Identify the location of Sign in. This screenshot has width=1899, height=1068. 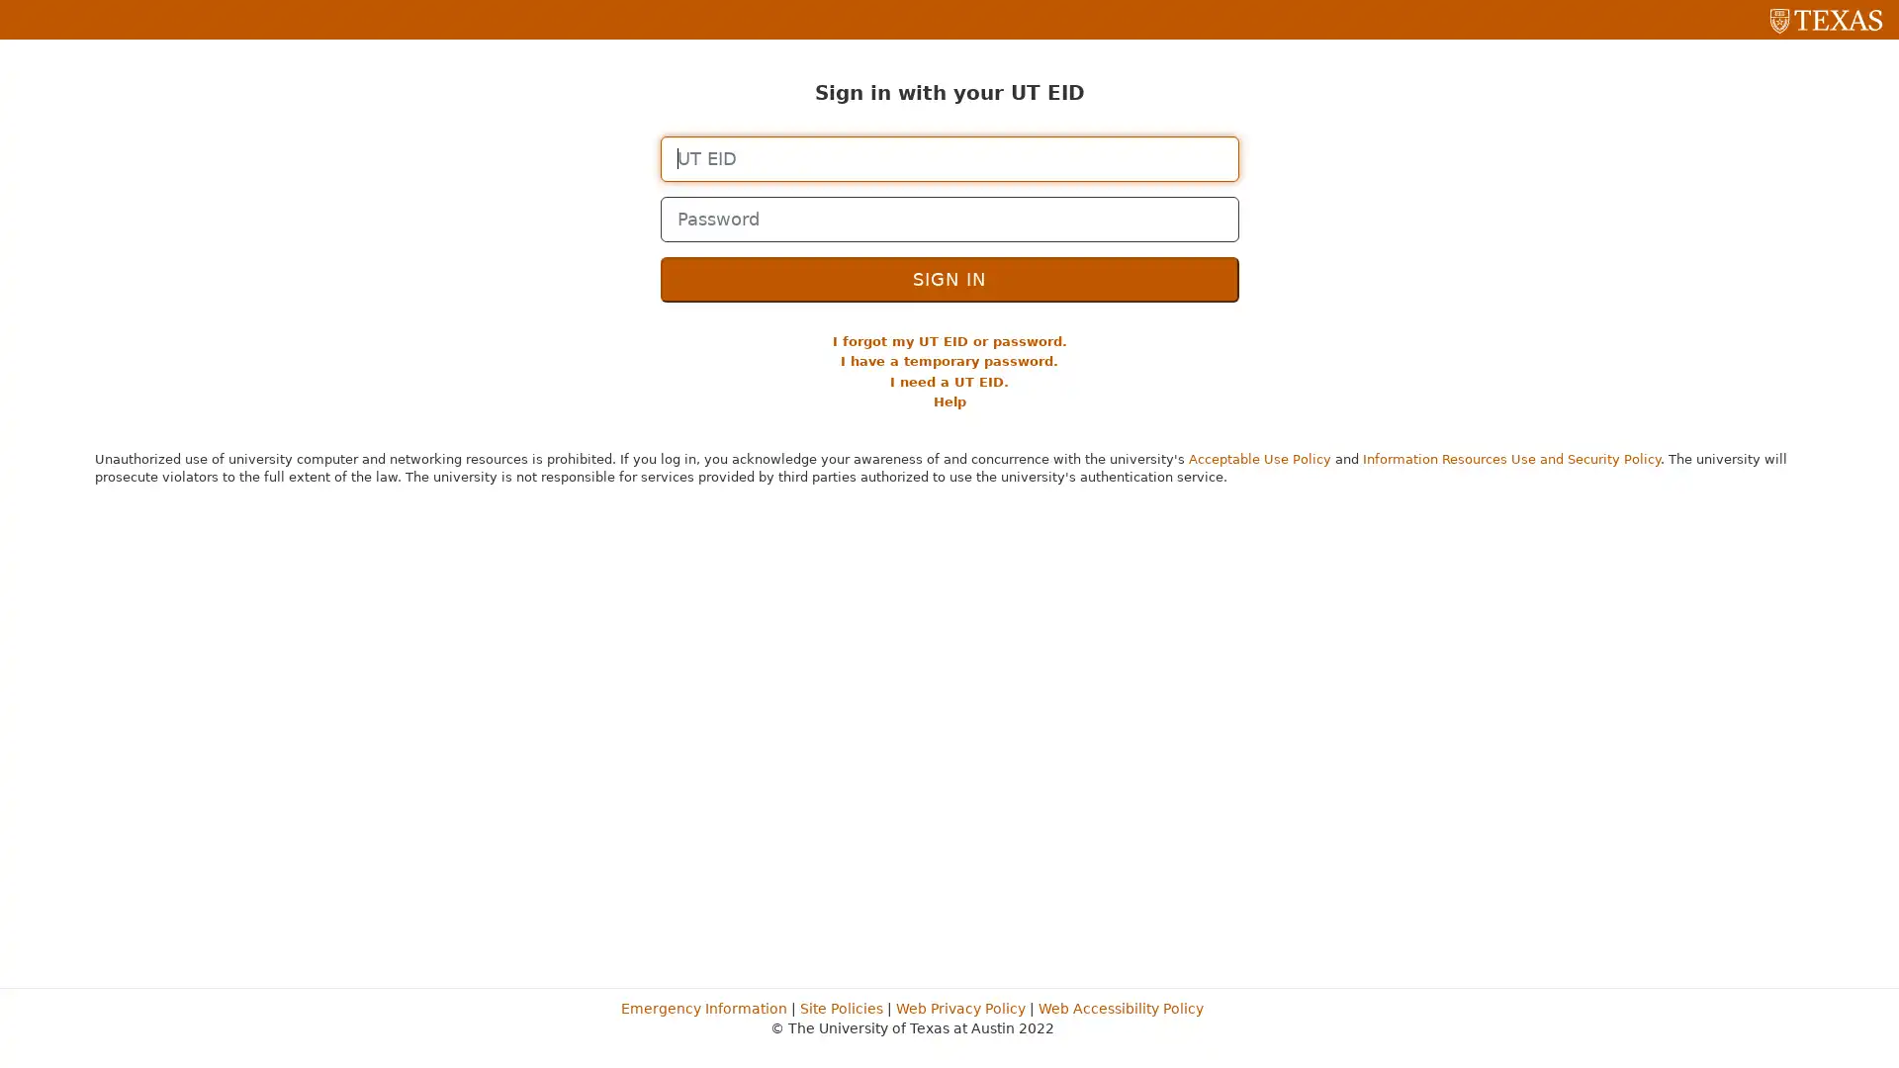
(948, 278).